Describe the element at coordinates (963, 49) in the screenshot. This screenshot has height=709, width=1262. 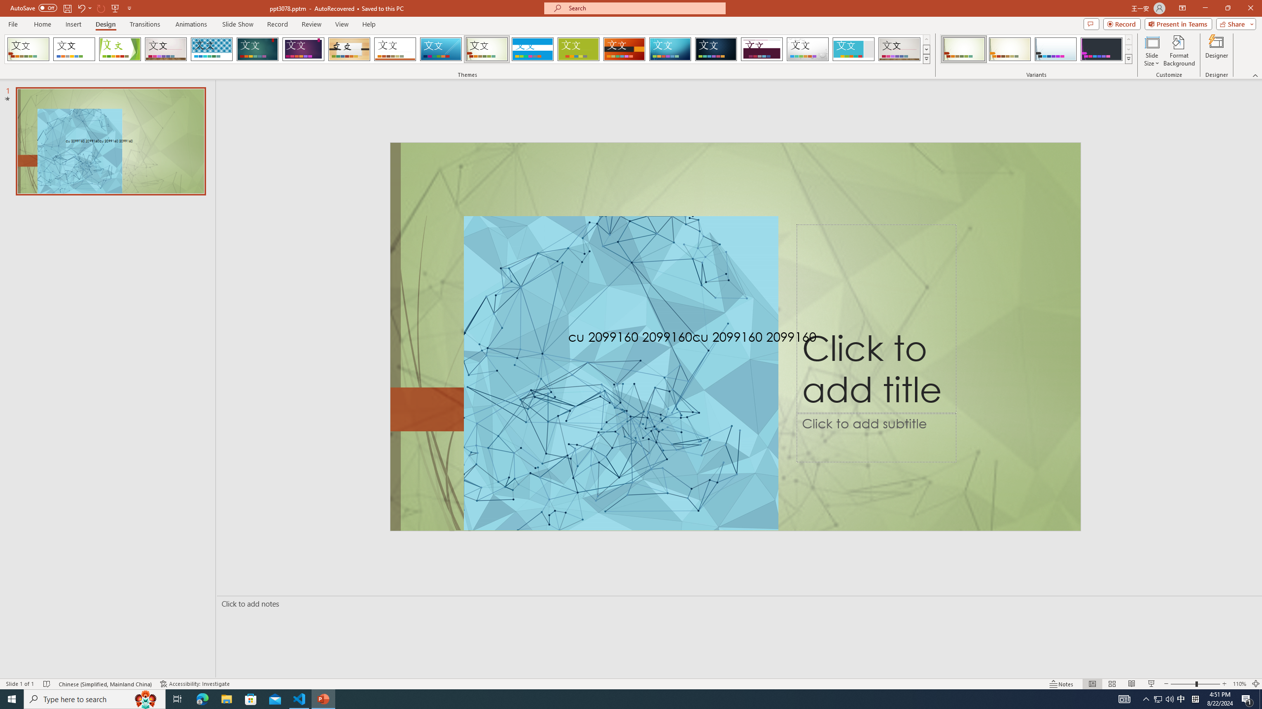
I see `'Wisp Variant 1'` at that location.